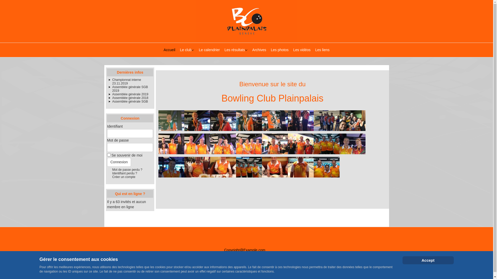 The height and width of the screenshot is (279, 497). I want to click on 'Le calendrier', so click(209, 50).